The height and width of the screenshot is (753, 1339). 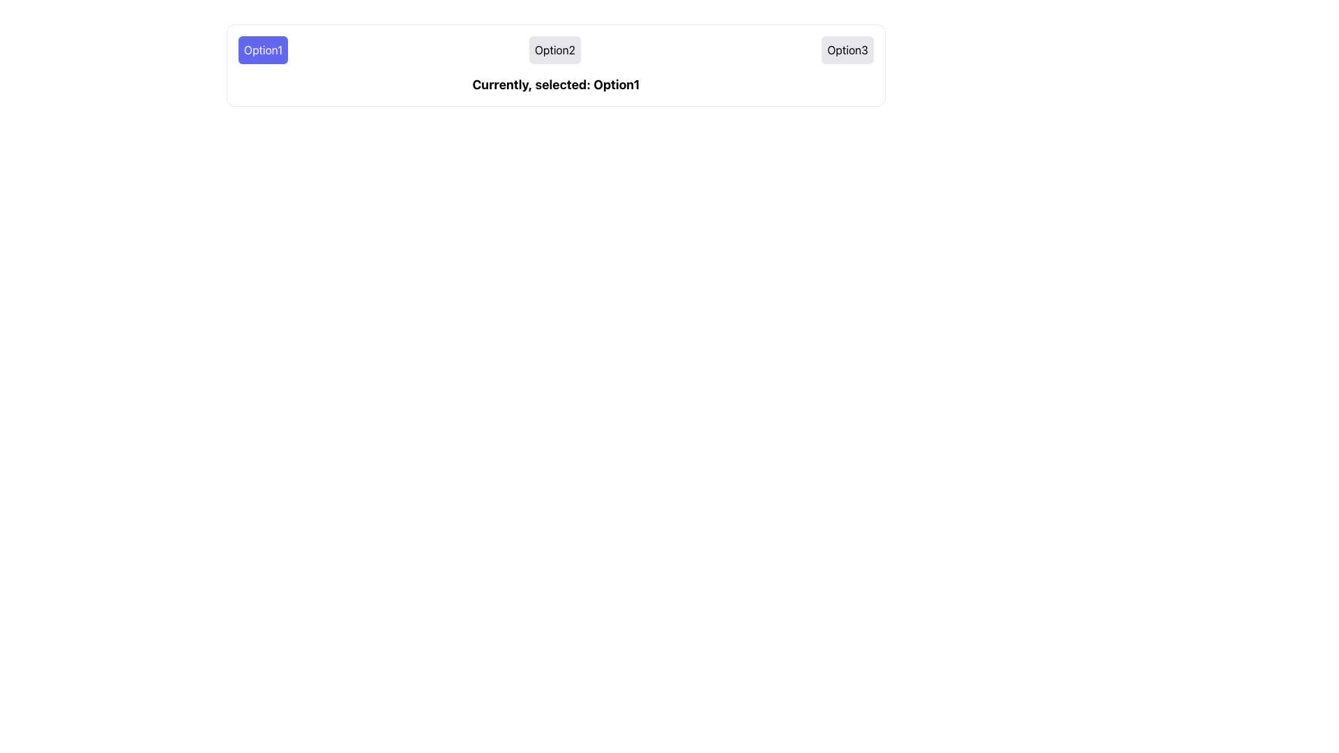 What do you see at coordinates (263, 50) in the screenshot?
I see `the selectable option button labeled 'Option1'` at bounding box center [263, 50].